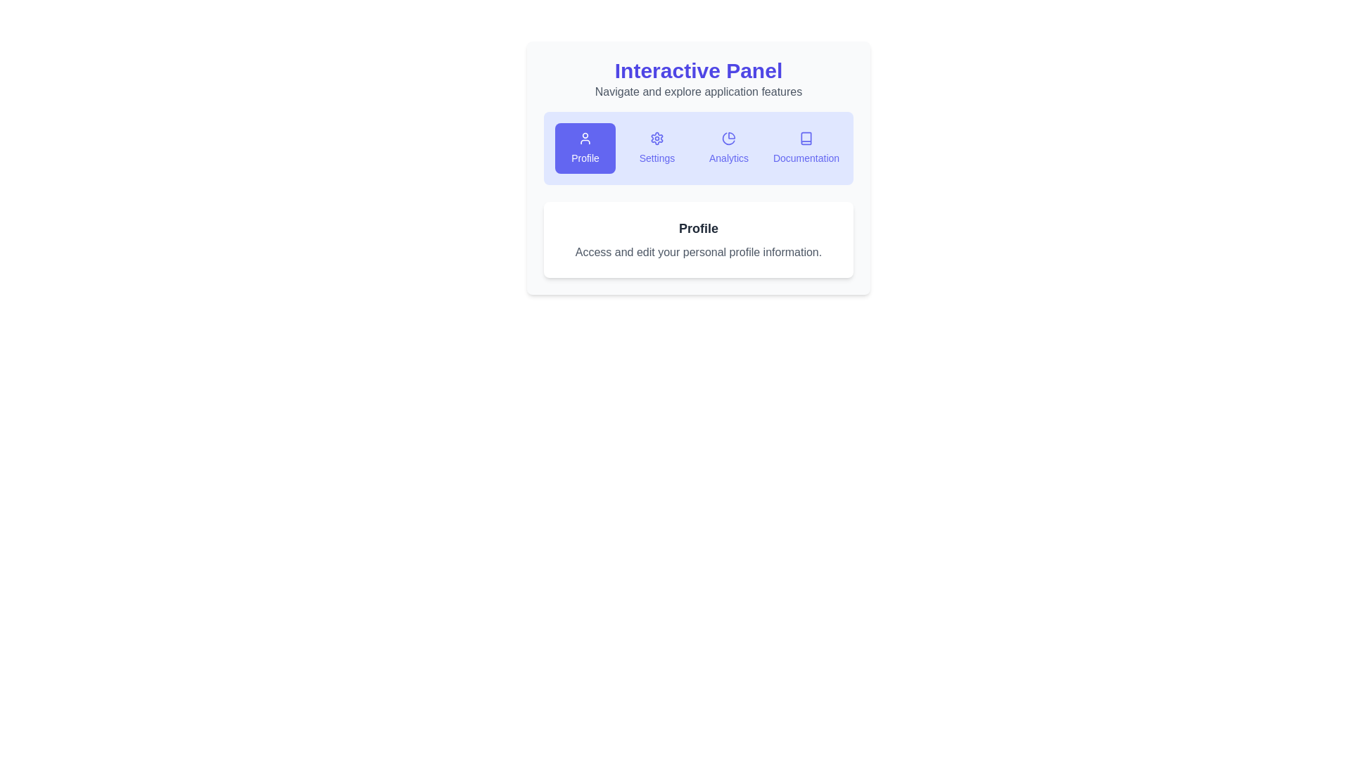 The width and height of the screenshot is (1351, 760). I want to click on the 'Documentation' button in the navigation panel, so click(806, 158).